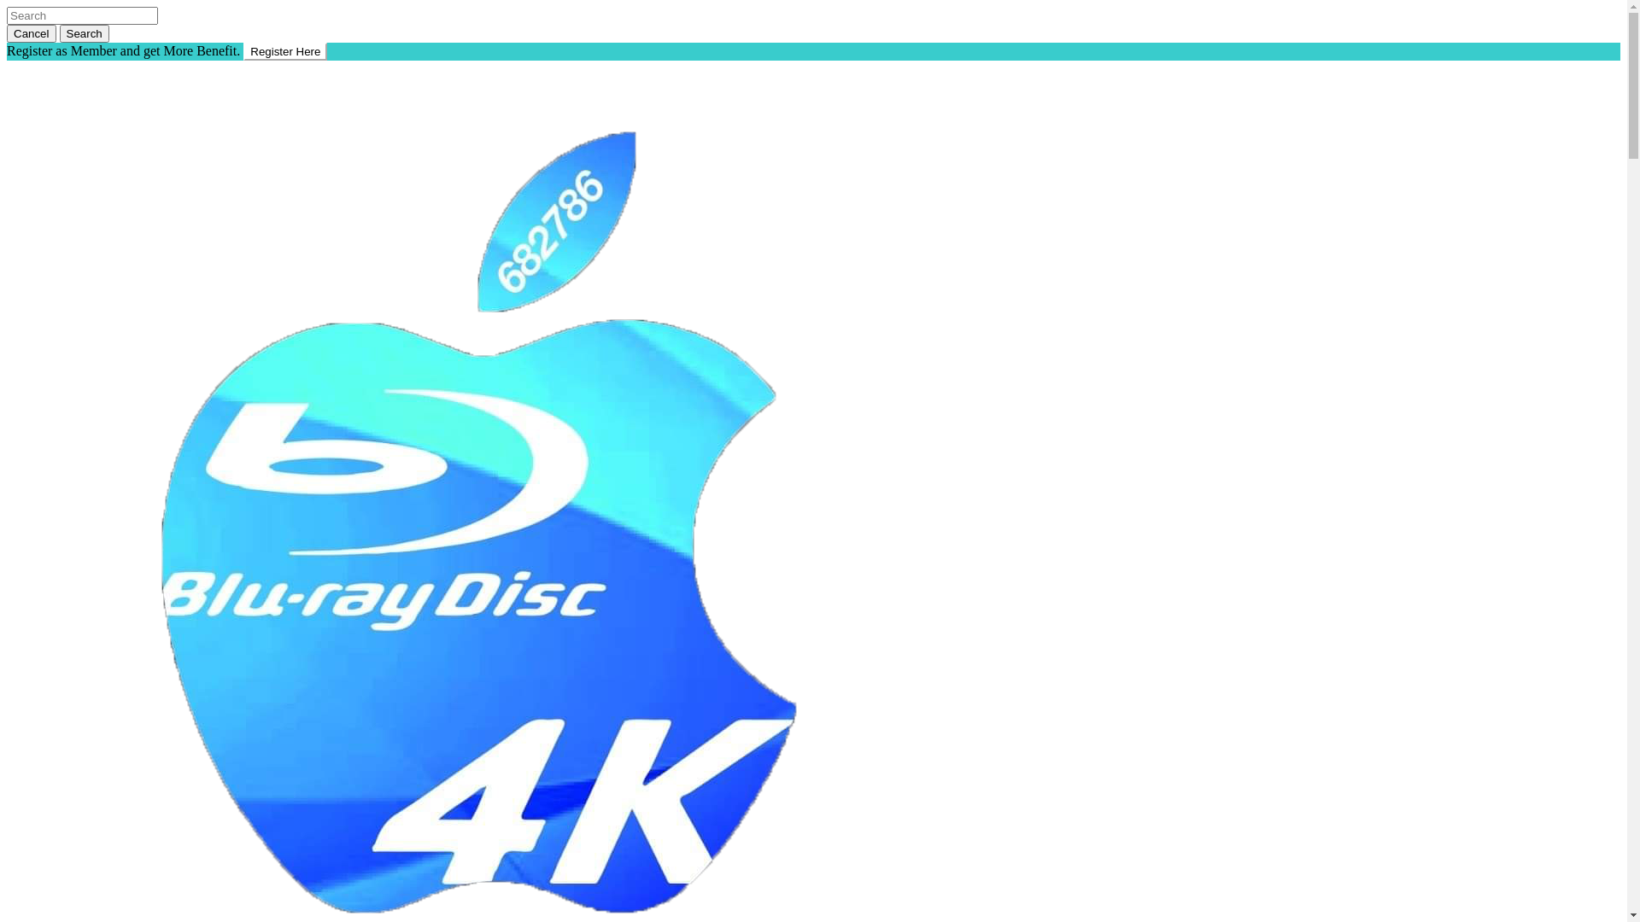 The height and width of the screenshot is (922, 1640). Describe the element at coordinates (32, 33) in the screenshot. I see `'Cancel'` at that location.